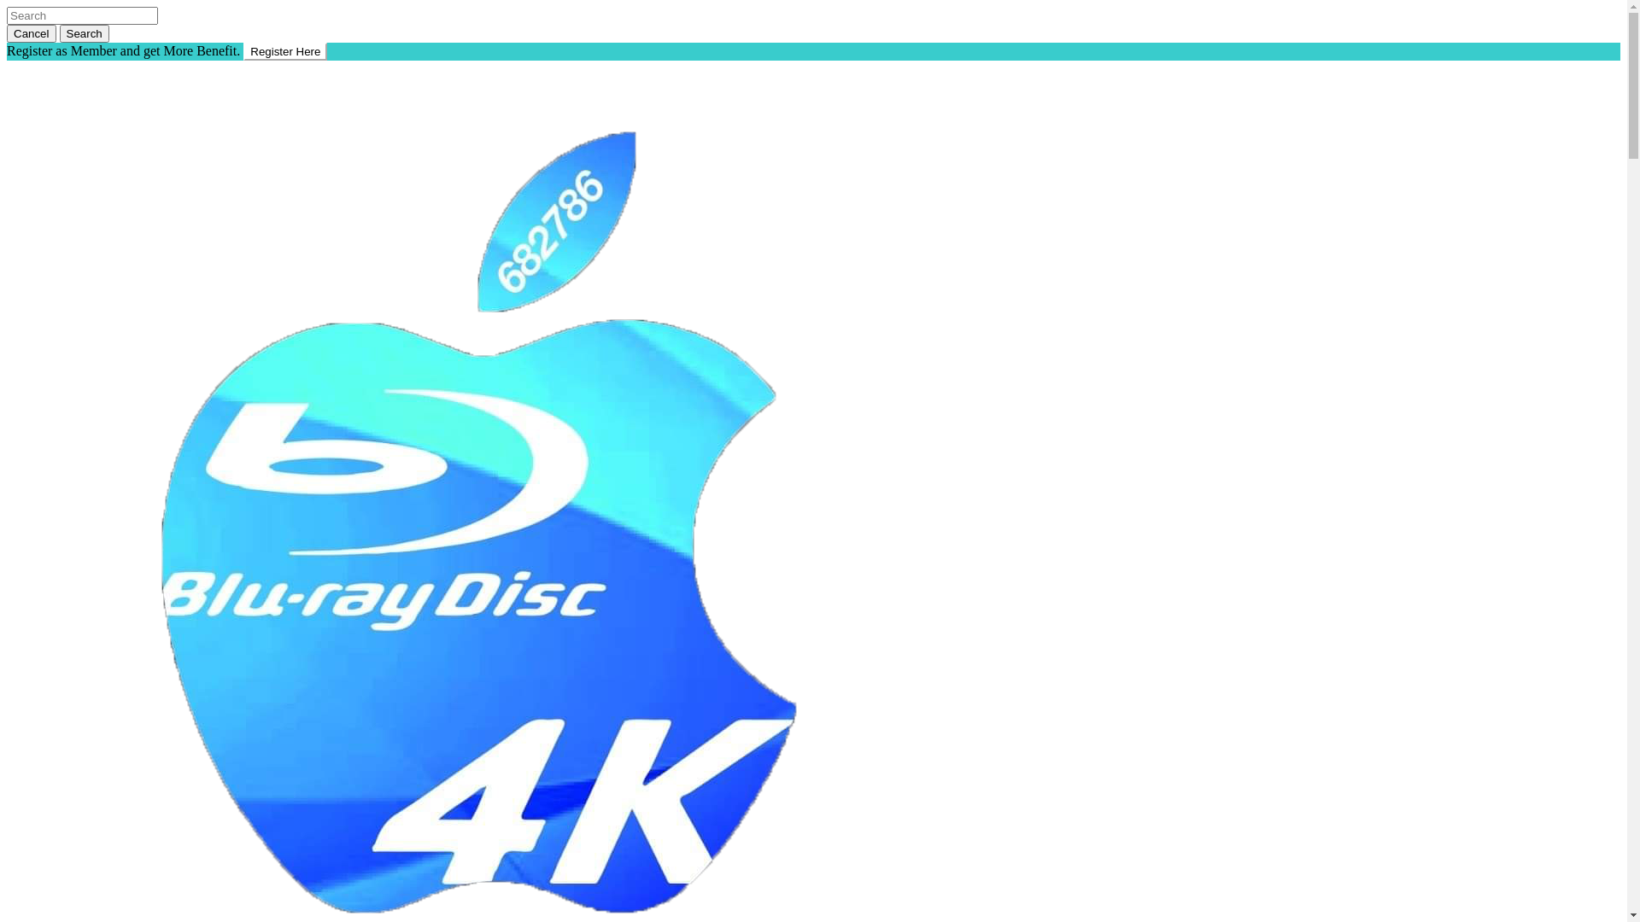 The height and width of the screenshot is (922, 1640). Describe the element at coordinates (32, 33) in the screenshot. I see `'Cancel'` at that location.